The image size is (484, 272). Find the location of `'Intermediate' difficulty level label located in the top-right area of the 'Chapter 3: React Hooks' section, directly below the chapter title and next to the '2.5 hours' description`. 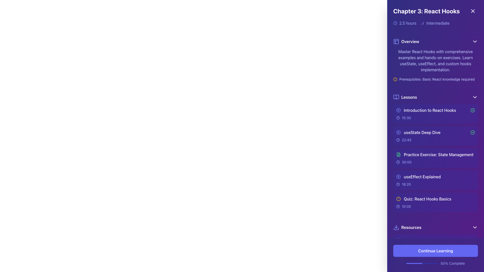

'Intermediate' difficulty level label located in the top-right area of the 'Chapter 3: React Hooks' section, directly below the chapter title and next to the '2.5 hours' description is located at coordinates (435, 23).